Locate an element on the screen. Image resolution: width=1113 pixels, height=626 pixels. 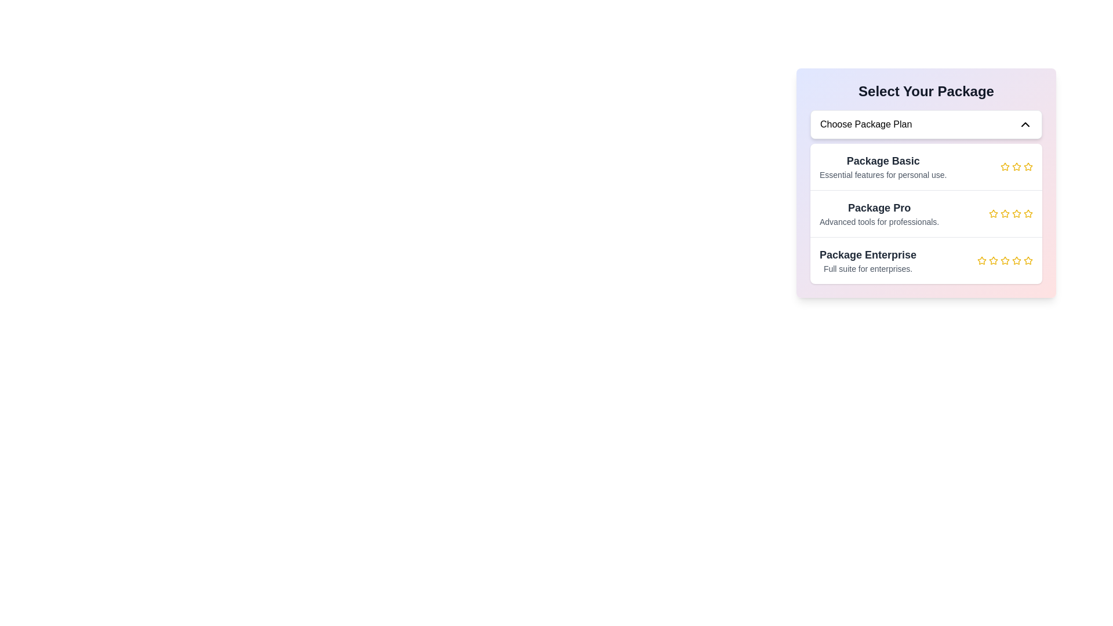
the first yellow star in the second row of the star rating section associated with the 'Package Pro' package item is located at coordinates (992, 214).